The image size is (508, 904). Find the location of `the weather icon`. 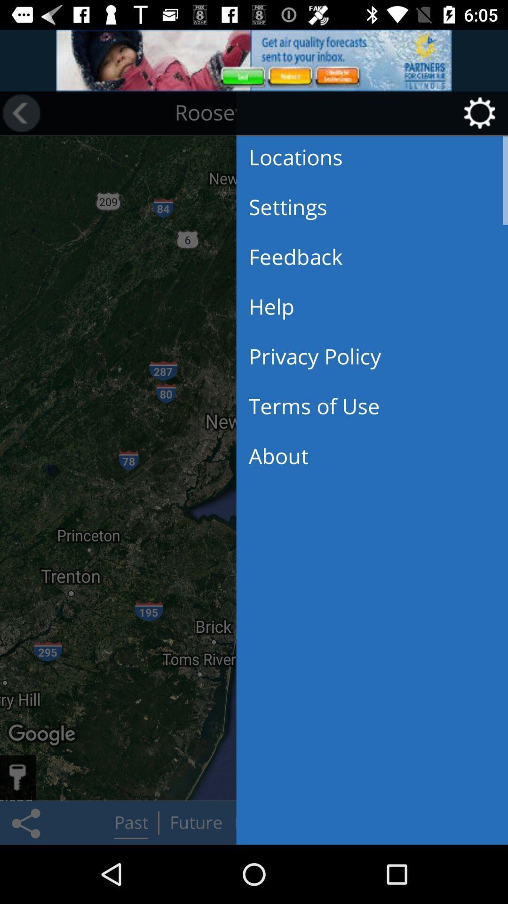

the weather icon is located at coordinates (62, 113).